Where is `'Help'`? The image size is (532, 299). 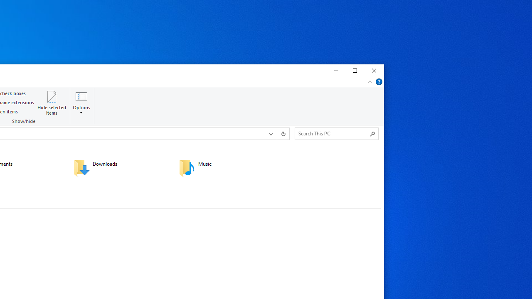
'Help' is located at coordinates (379, 81).